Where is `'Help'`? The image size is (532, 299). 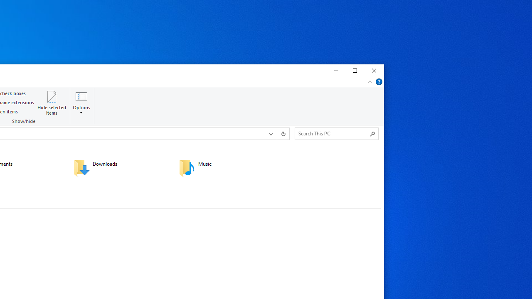
'Help' is located at coordinates (379, 81).